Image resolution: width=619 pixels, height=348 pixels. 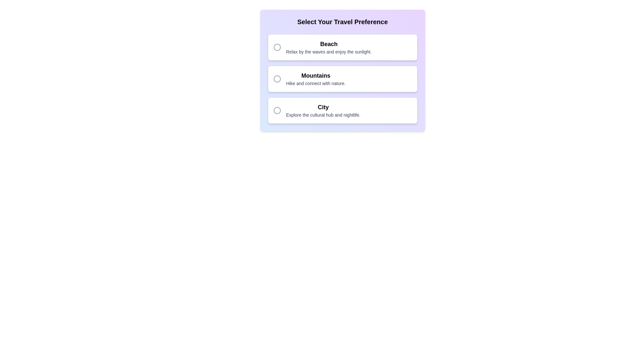 What do you see at coordinates (277, 79) in the screenshot?
I see `the 'Mountains' icon located at the top-left corner of the selectable region of the 'Mountains' card` at bounding box center [277, 79].